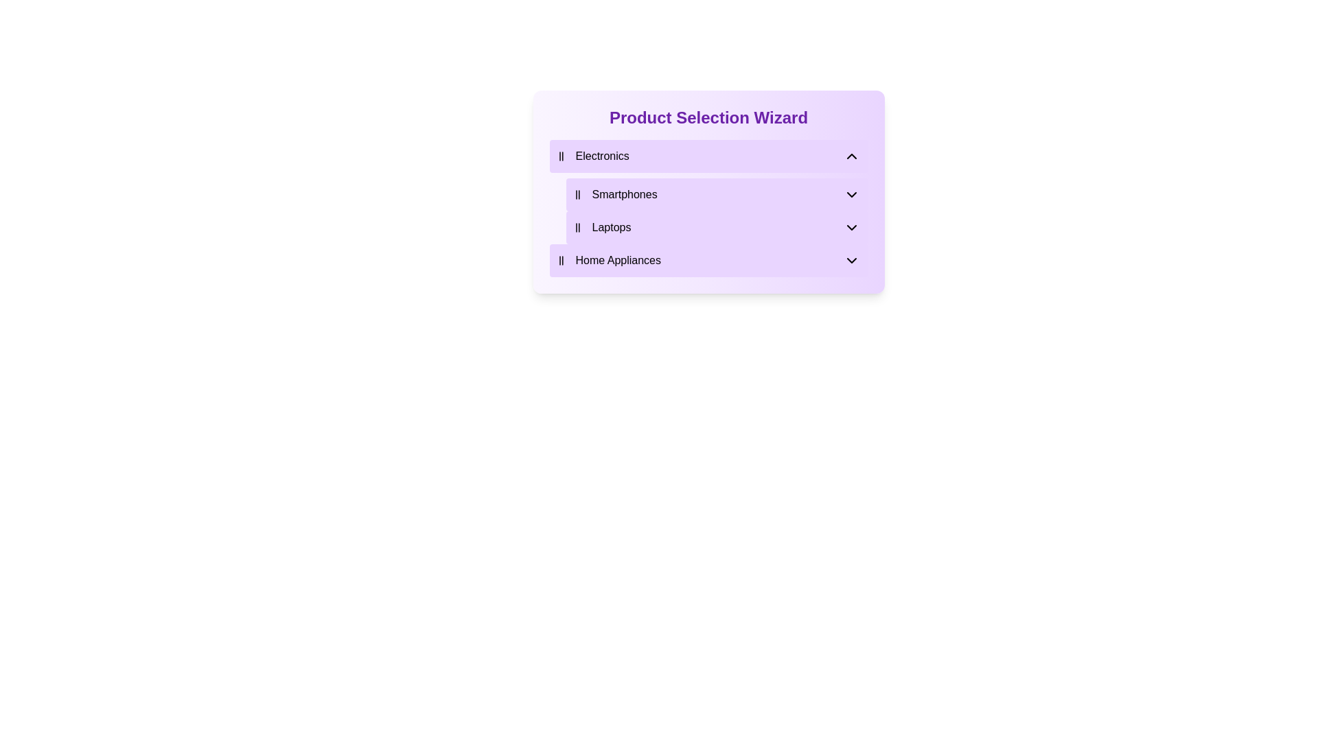  I want to click on the Chevron Down icon located to the right of the 'Smartphones' label in the purple background to observe the hover effect, so click(851, 195).